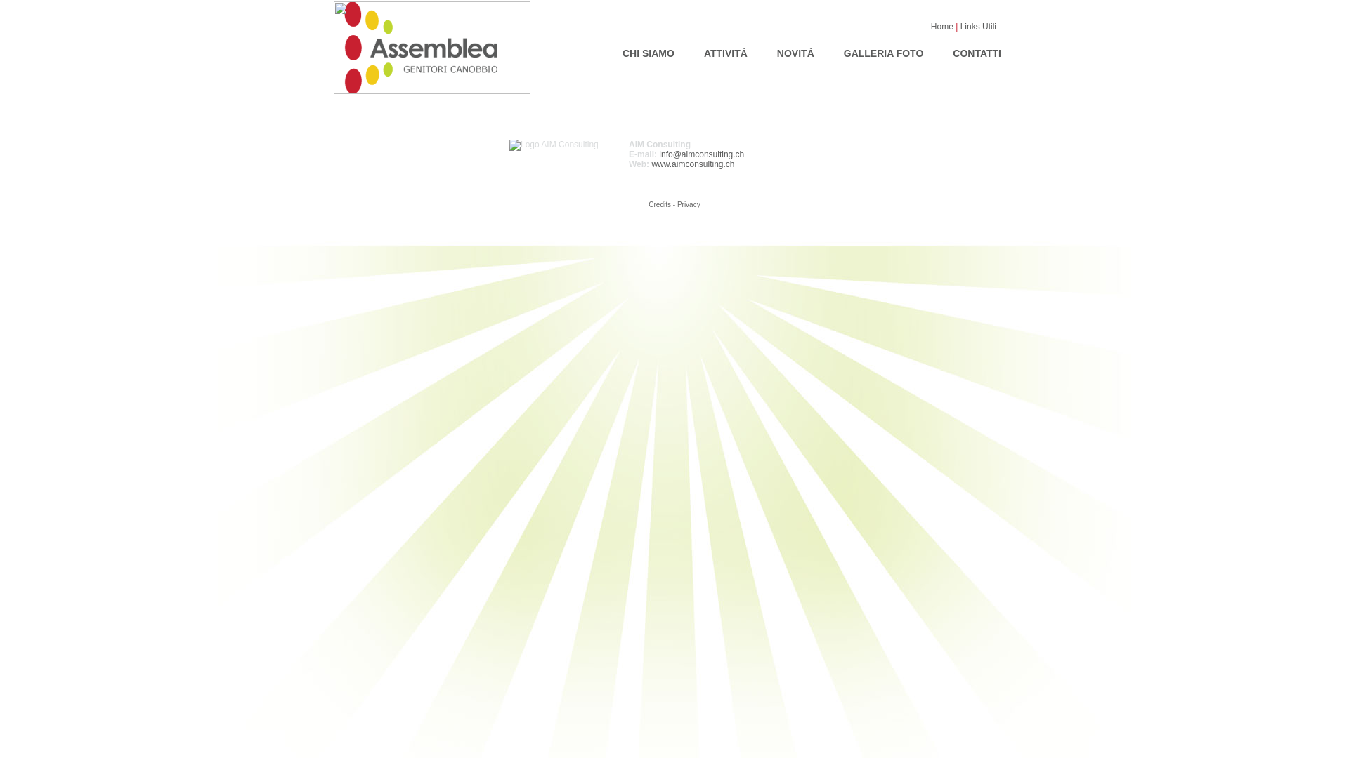 Image resolution: width=1349 pixels, height=758 pixels. I want to click on 'GALLERIA FOTO', so click(882, 51).